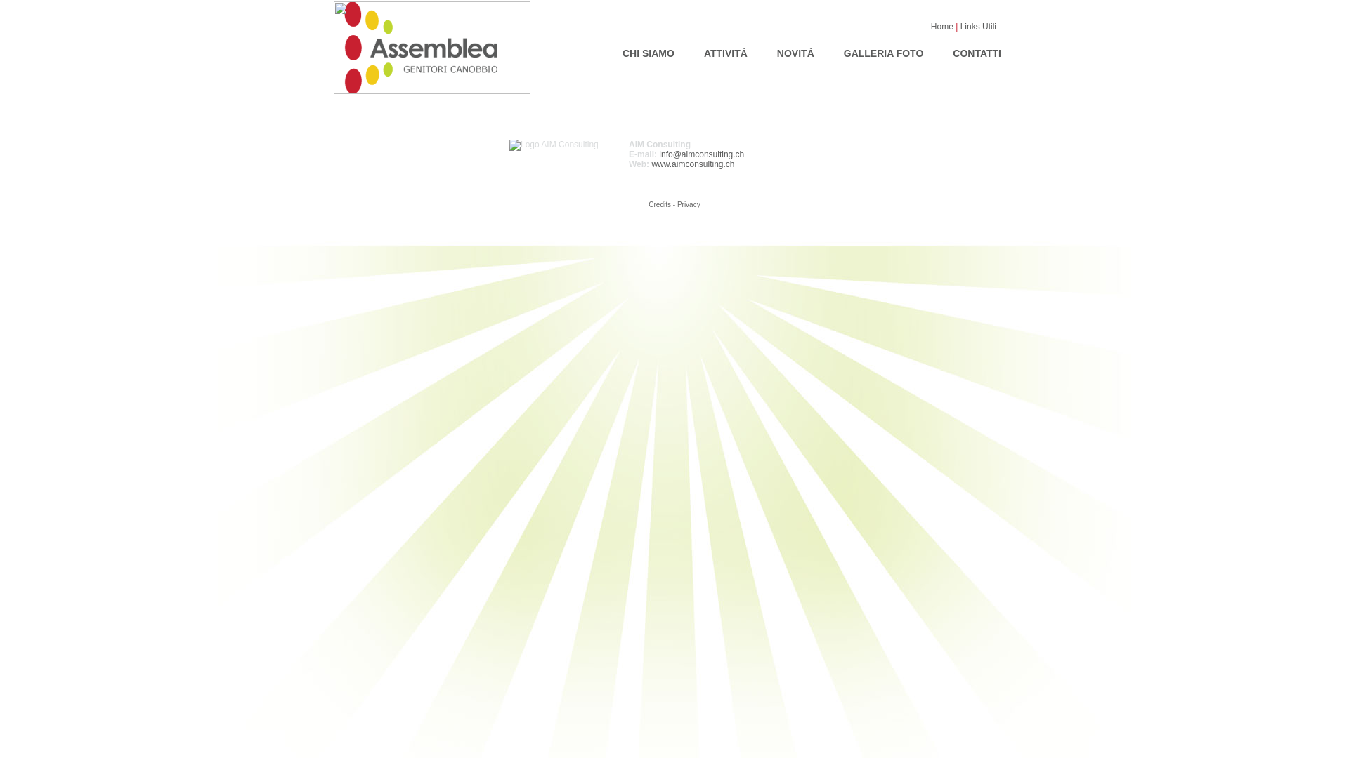 Image resolution: width=1349 pixels, height=758 pixels. I want to click on 'GALLERIA FOTO', so click(882, 51).